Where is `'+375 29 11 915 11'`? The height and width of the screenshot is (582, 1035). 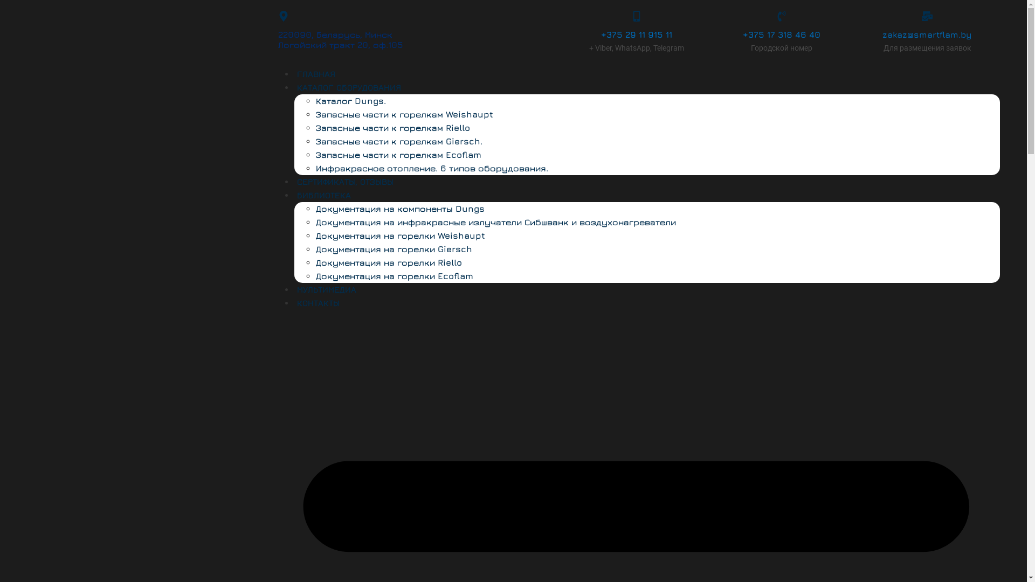
'+375 29 11 915 11' is located at coordinates (636, 34).